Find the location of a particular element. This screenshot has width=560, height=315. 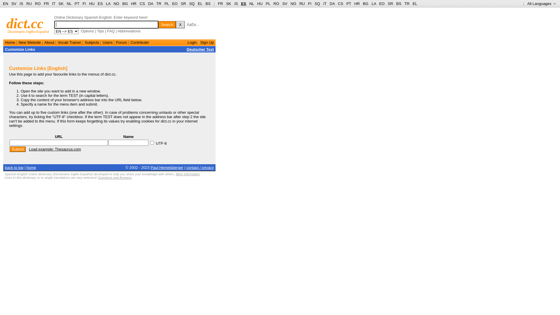

'IS' is located at coordinates (21, 3).